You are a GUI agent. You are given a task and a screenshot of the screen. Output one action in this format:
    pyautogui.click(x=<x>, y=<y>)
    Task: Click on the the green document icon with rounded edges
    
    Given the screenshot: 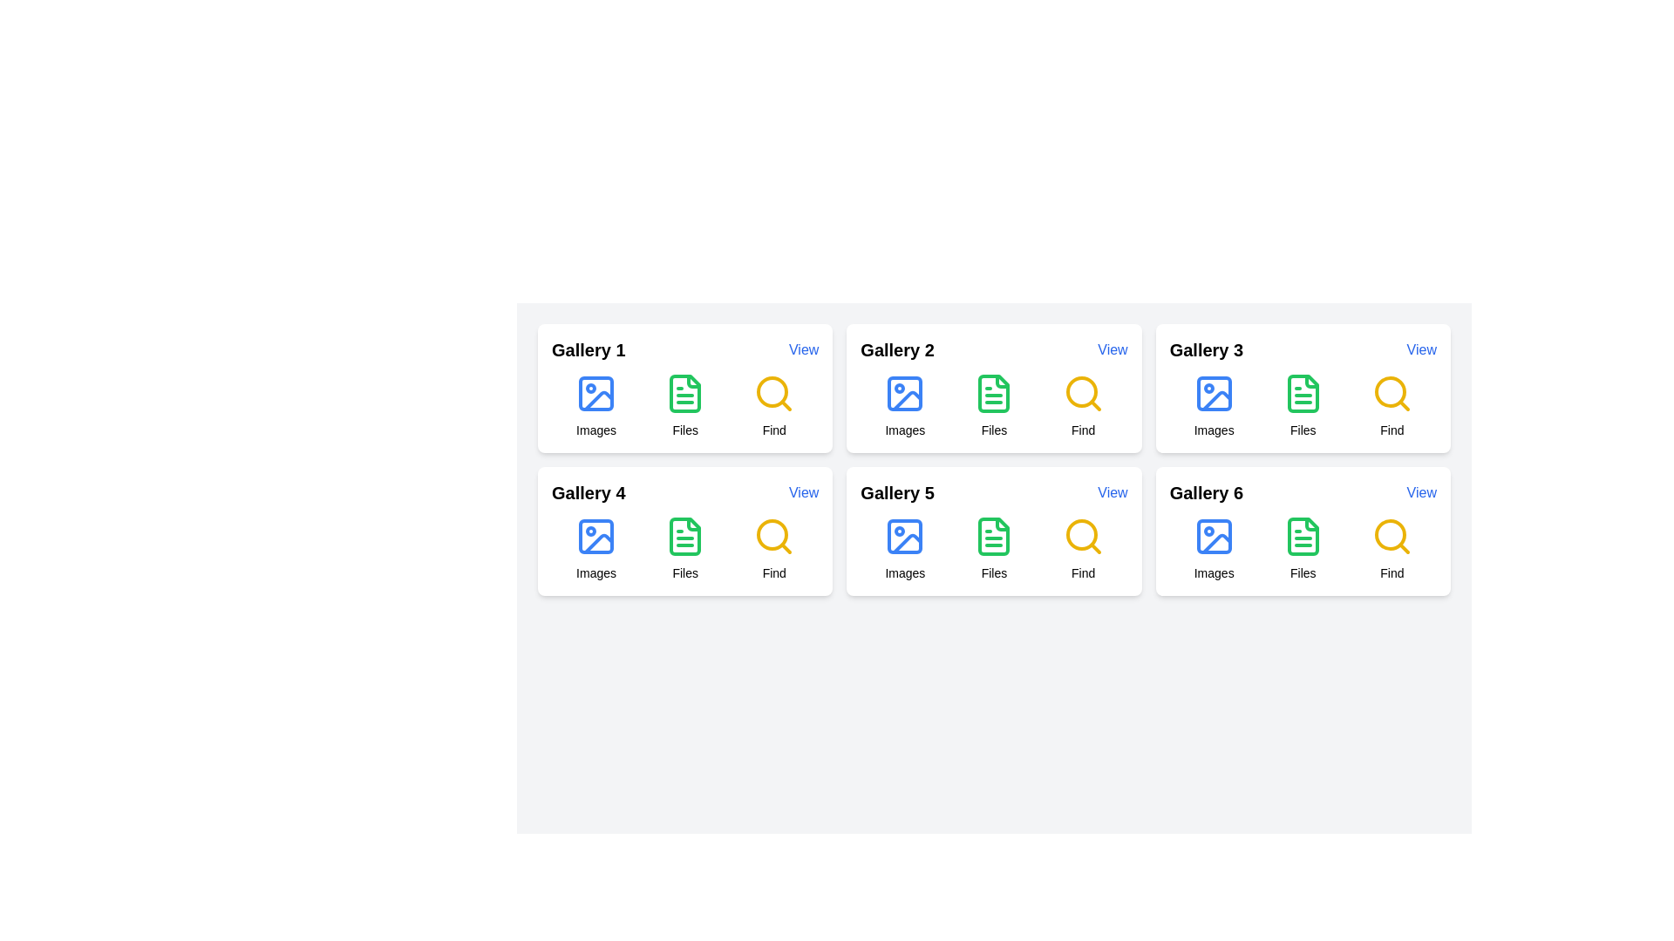 What is the action you would take?
    pyautogui.click(x=1303, y=536)
    